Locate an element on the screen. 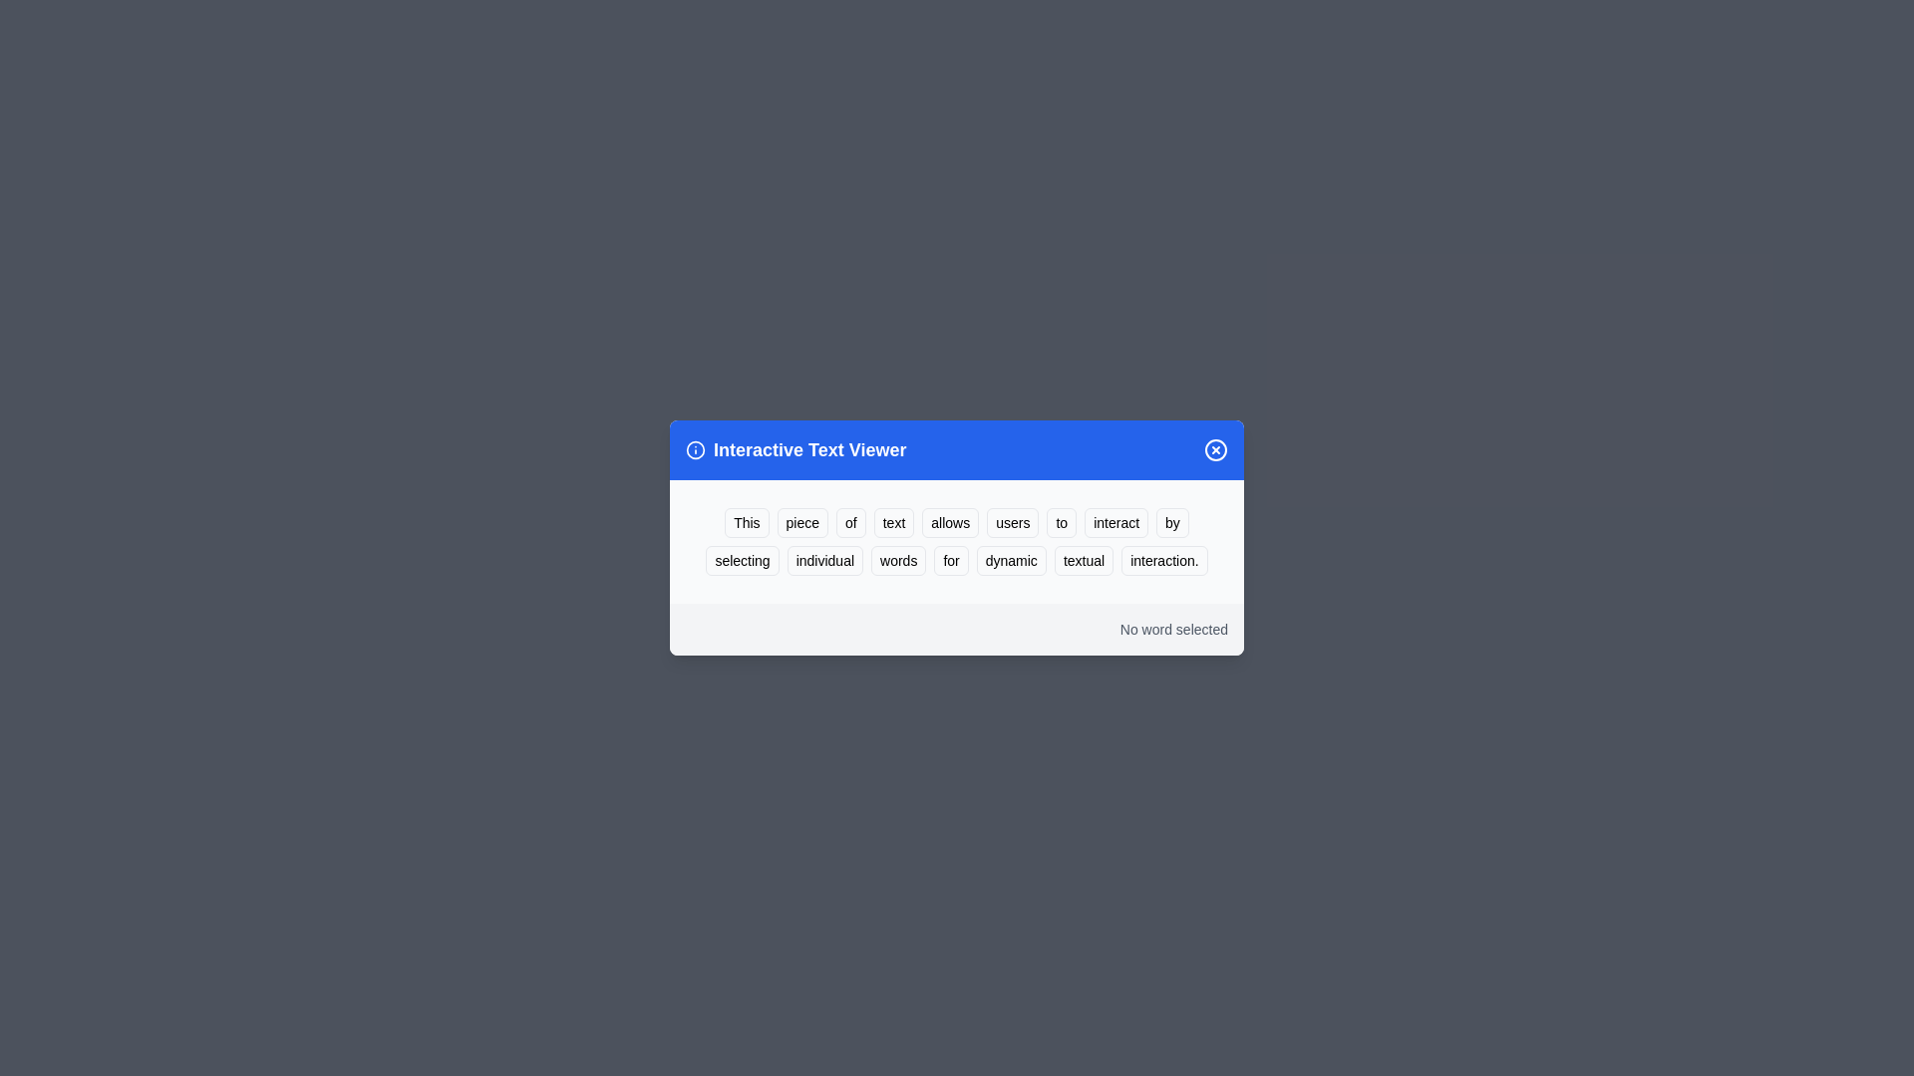 This screenshot has height=1076, width=1914. the word 'piece' to highlight it is located at coordinates (802, 521).